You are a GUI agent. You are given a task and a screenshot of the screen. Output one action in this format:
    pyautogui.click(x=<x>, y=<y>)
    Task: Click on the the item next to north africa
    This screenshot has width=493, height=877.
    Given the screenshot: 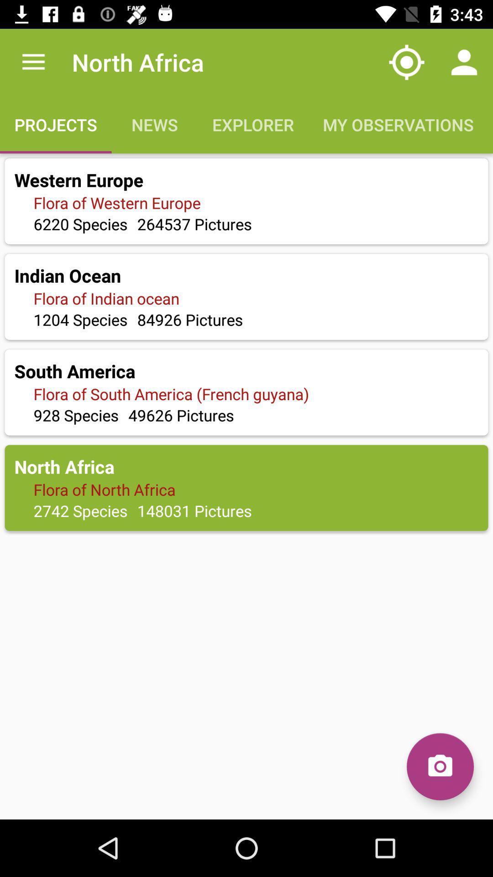 What is the action you would take?
    pyautogui.click(x=33, y=62)
    